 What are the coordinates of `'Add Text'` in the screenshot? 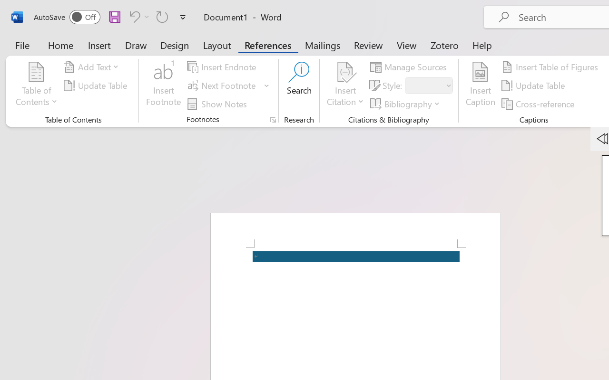 It's located at (93, 67).